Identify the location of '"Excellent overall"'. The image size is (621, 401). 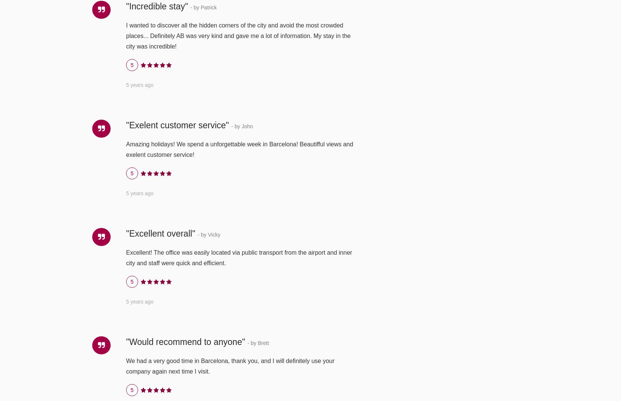
(126, 232).